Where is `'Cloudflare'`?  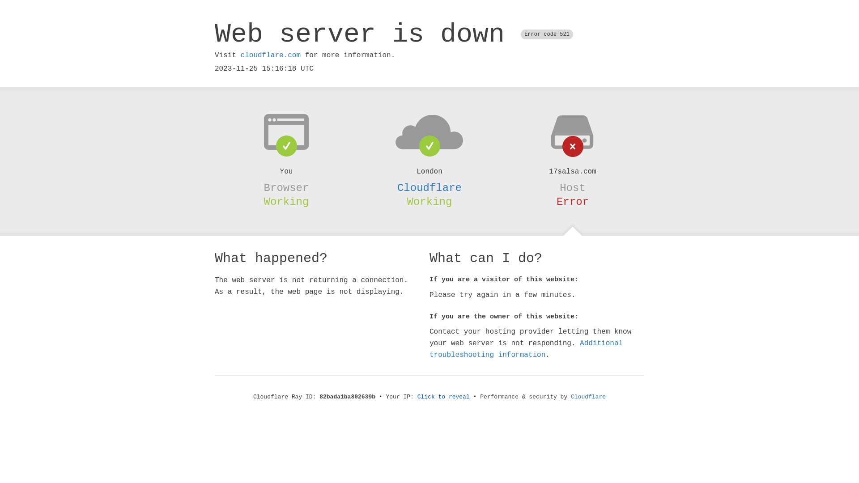
'Cloudflare' is located at coordinates (588, 396).